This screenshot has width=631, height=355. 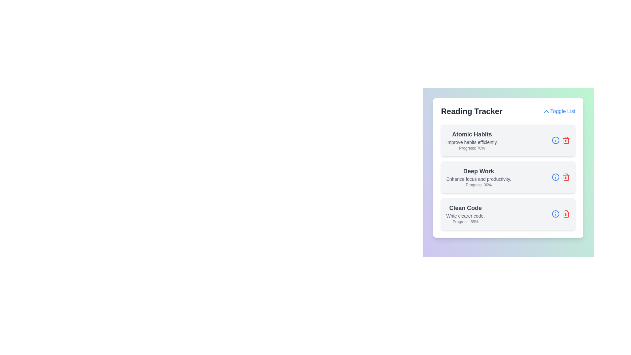 I want to click on the red trash bin icon button located on the far right side of the first task in the 'Reading Tracker' section, so click(x=566, y=140).